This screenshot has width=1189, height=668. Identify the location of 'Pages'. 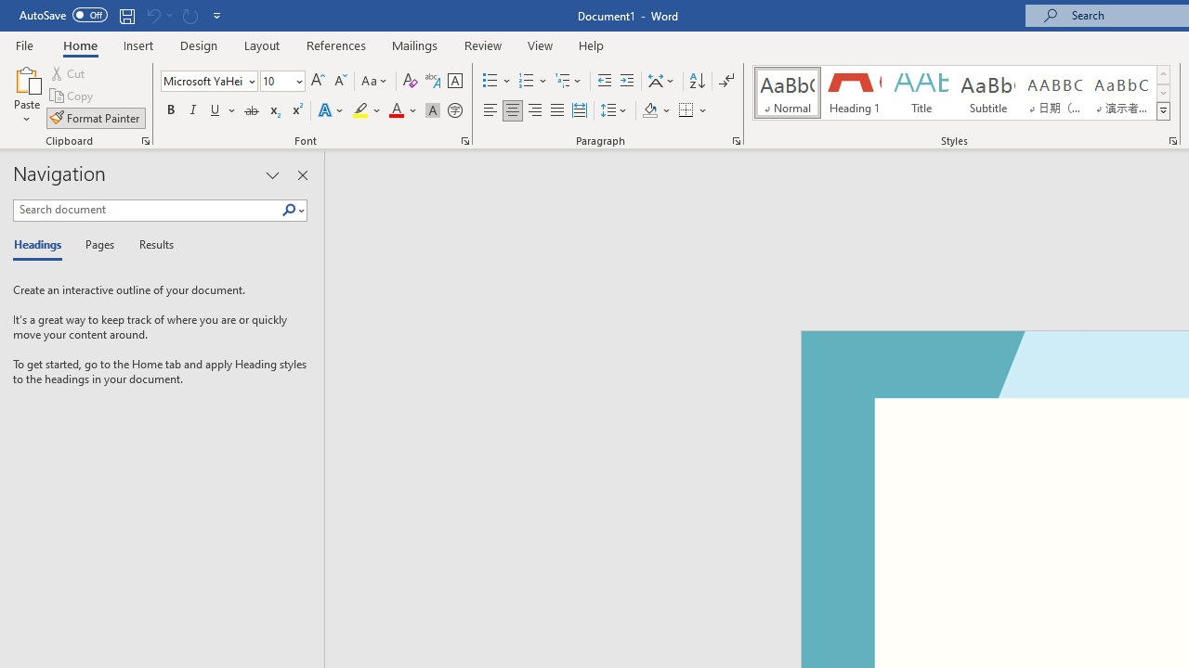
(97, 245).